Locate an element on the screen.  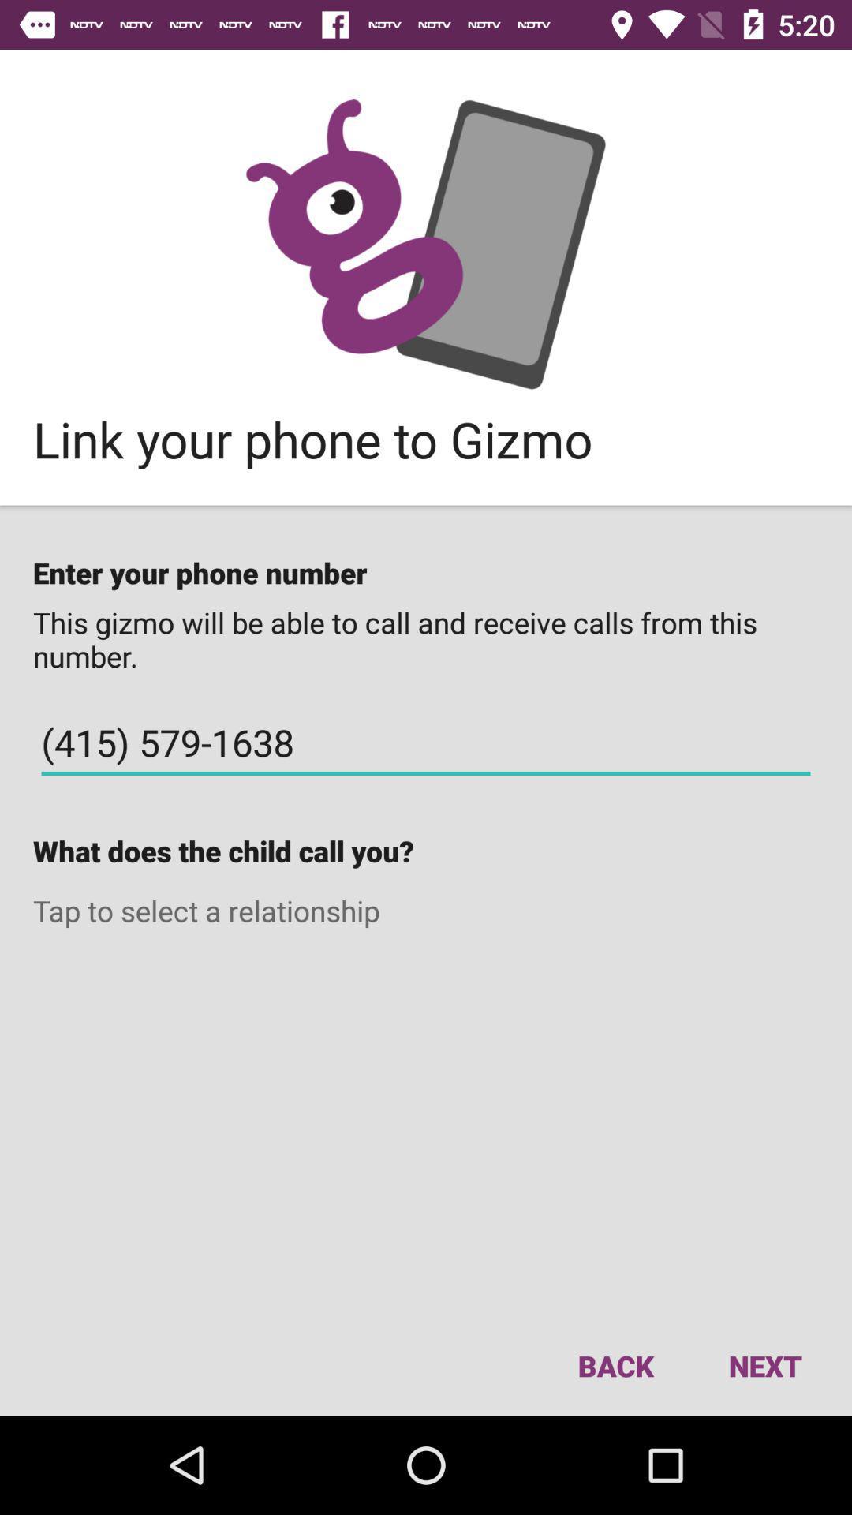
the back item is located at coordinates (615, 1365).